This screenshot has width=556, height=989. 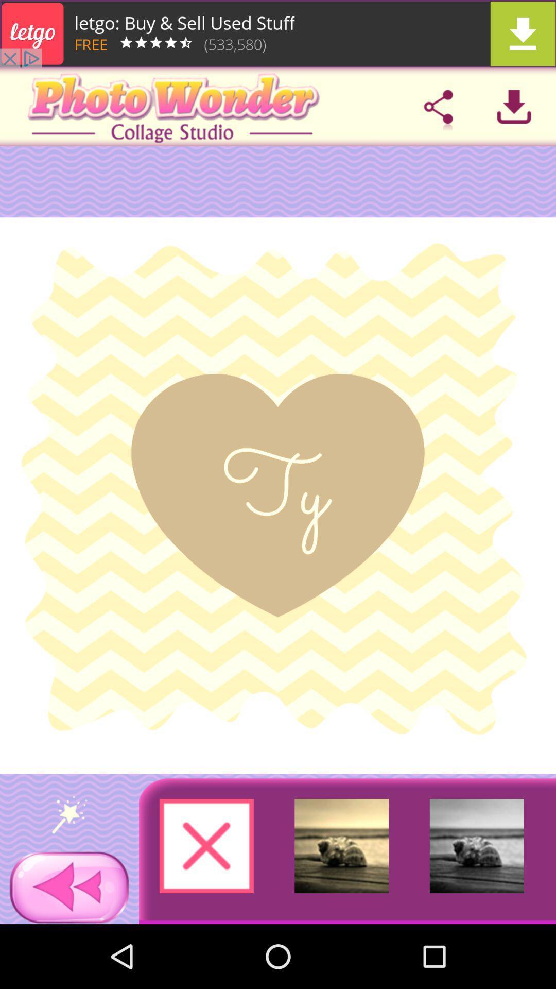 What do you see at coordinates (206, 846) in the screenshot?
I see `the first image from left at bottom` at bounding box center [206, 846].